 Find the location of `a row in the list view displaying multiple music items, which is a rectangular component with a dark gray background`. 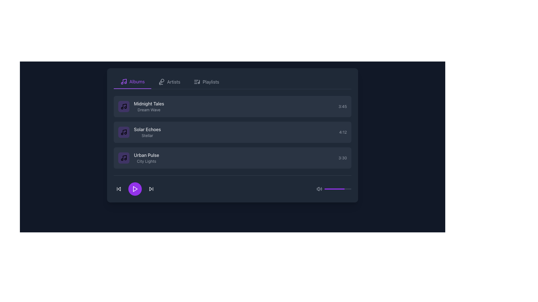

a row in the list view displaying multiple music items, which is a rectangular component with a dark gray background is located at coordinates (233, 135).